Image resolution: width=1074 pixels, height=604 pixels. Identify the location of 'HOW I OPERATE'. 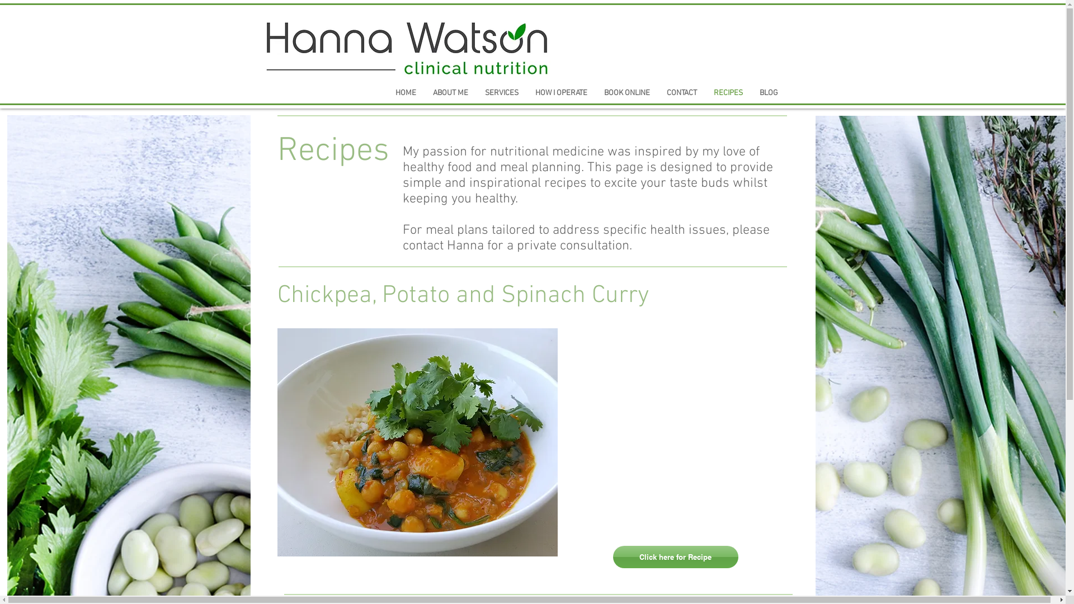
(561, 92).